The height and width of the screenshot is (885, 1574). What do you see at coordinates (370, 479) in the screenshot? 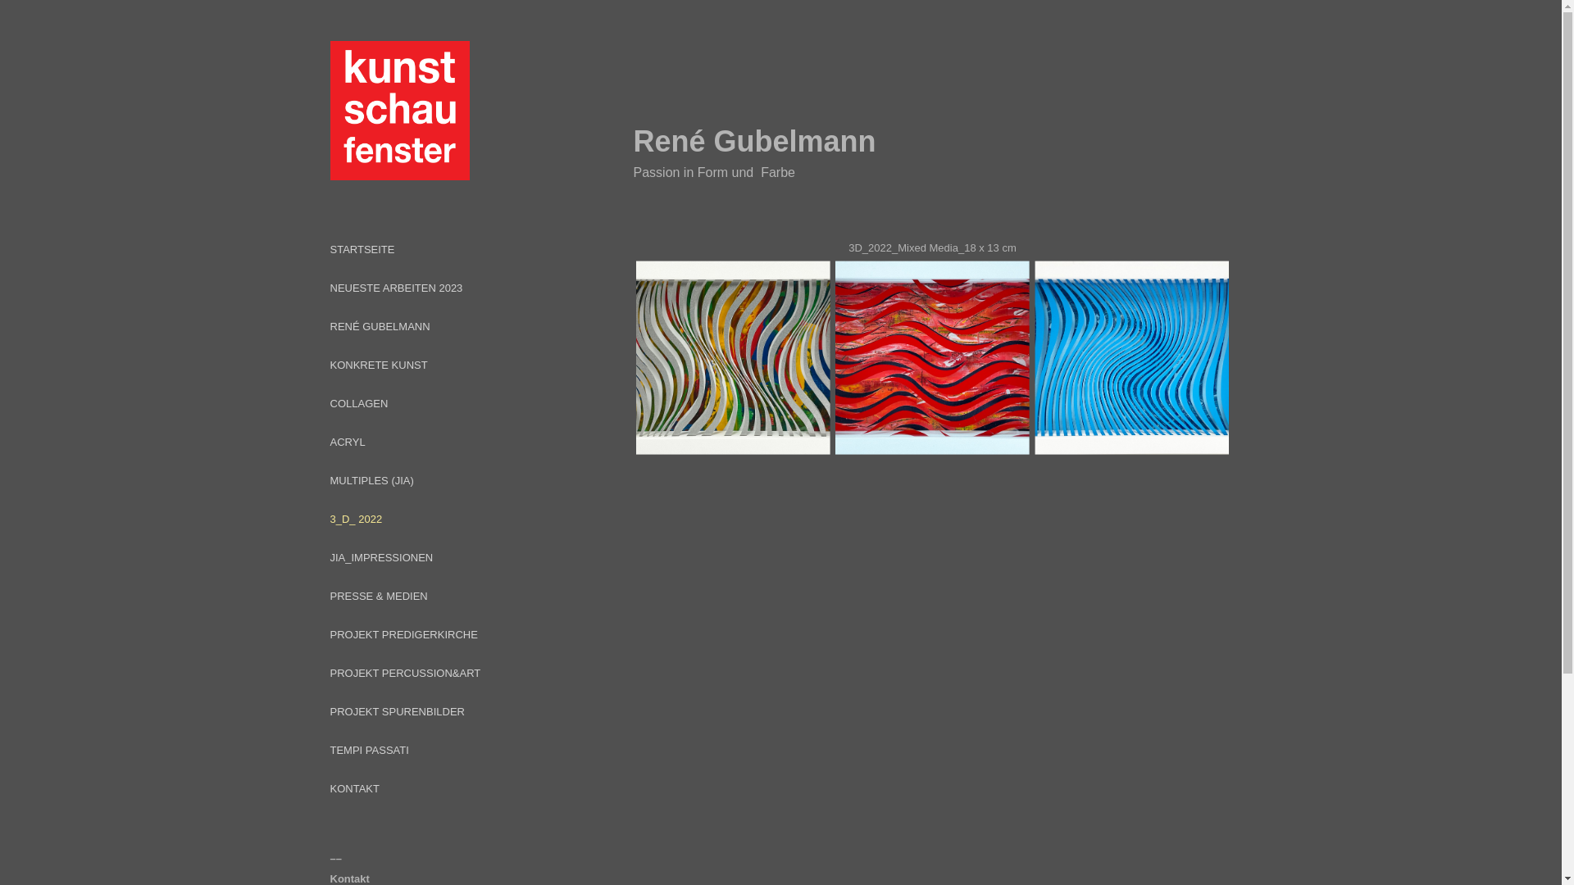
I see `'MULTIPLES (JIA)'` at bounding box center [370, 479].